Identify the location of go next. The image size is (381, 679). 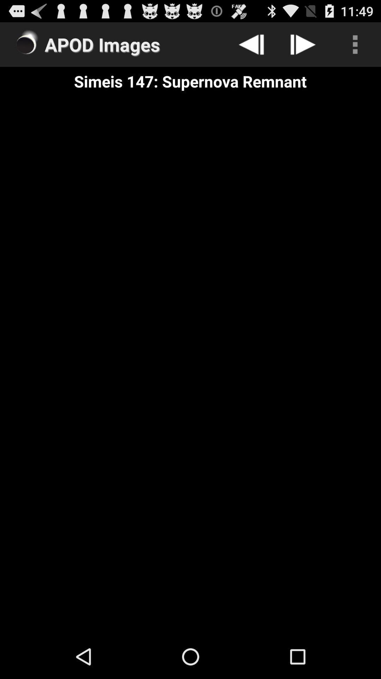
(303, 44).